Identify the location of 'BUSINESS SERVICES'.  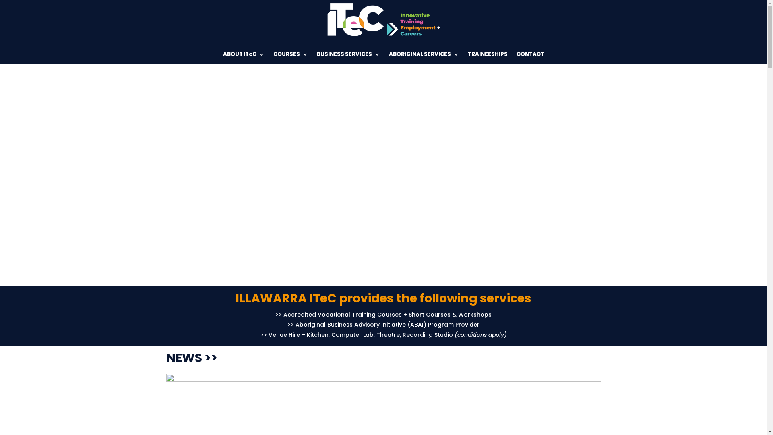
(348, 54).